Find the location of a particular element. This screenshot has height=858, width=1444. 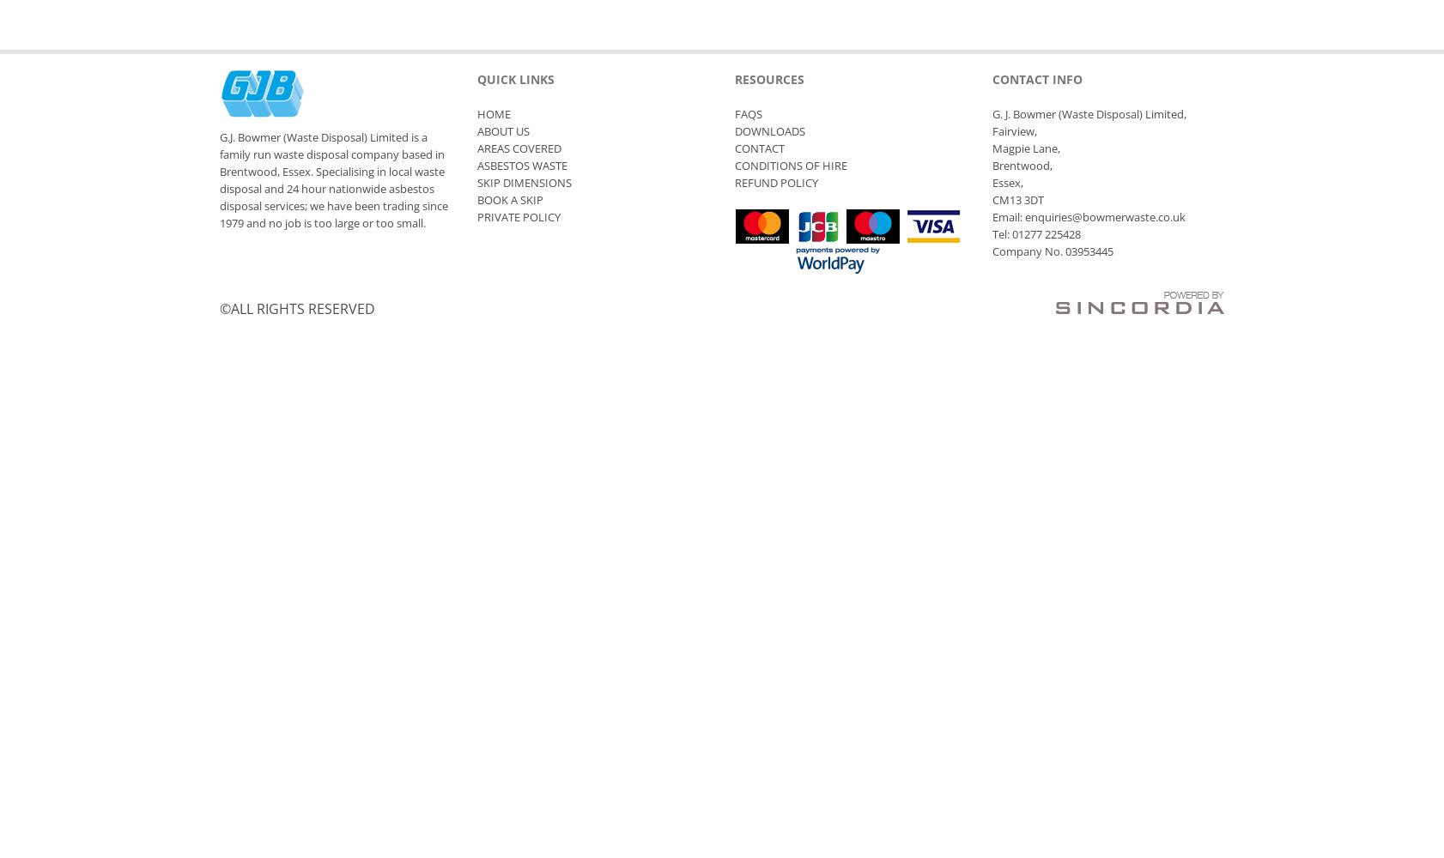

'Refund Policy' is located at coordinates (775, 182).